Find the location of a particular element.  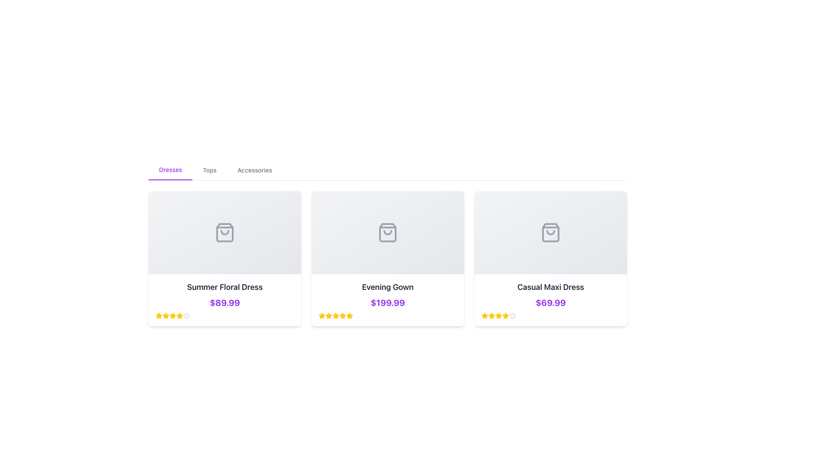

the Information panel displaying details of the 'Evening Gown', which includes the product name, price, and rating stars is located at coordinates (387, 300).